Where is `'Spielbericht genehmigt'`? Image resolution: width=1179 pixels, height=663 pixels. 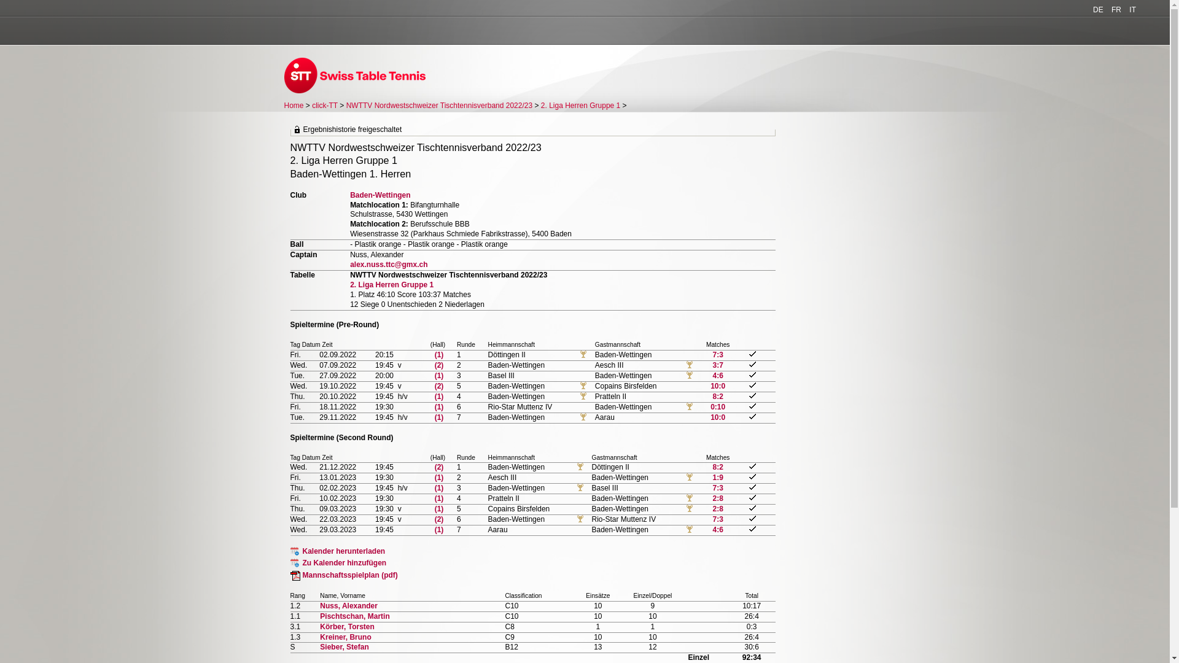
'Spielbericht genehmigt' is located at coordinates (752, 384).